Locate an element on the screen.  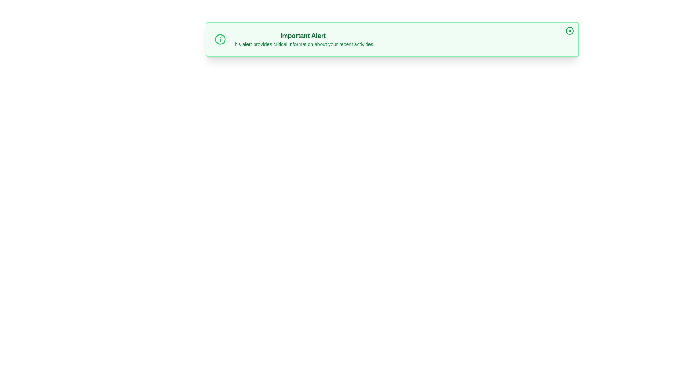
the close icon of the alert to dismiss it is located at coordinates (570, 31).